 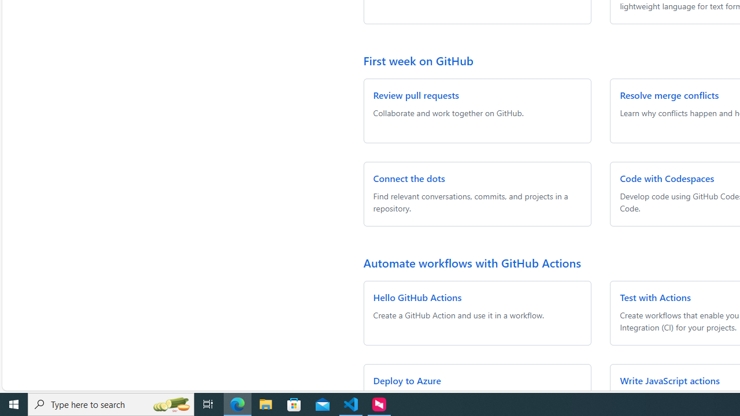 I want to click on 'Automate workflows with GitHub Actions', so click(x=472, y=262).